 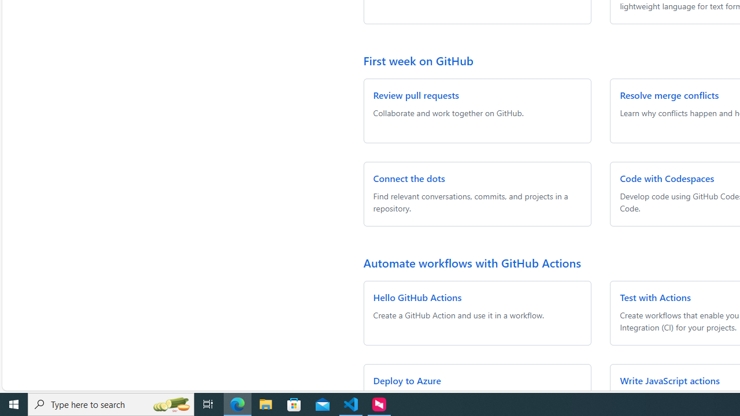 I want to click on 'Automate workflows with GitHub Actions', so click(x=472, y=262).